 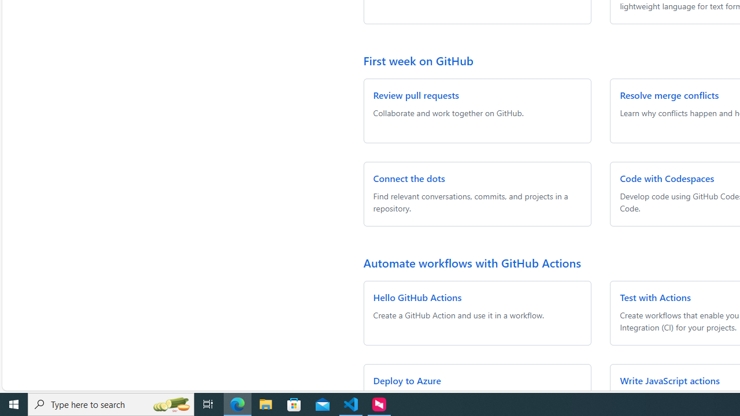 I want to click on 'Automate workflows with GitHub Actions', so click(x=472, y=262).